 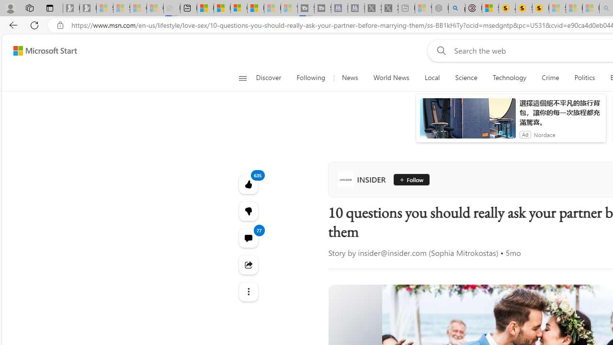 What do you see at coordinates (439, 50) in the screenshot?
I see `'Web search'` at bounding box center [439, 50].